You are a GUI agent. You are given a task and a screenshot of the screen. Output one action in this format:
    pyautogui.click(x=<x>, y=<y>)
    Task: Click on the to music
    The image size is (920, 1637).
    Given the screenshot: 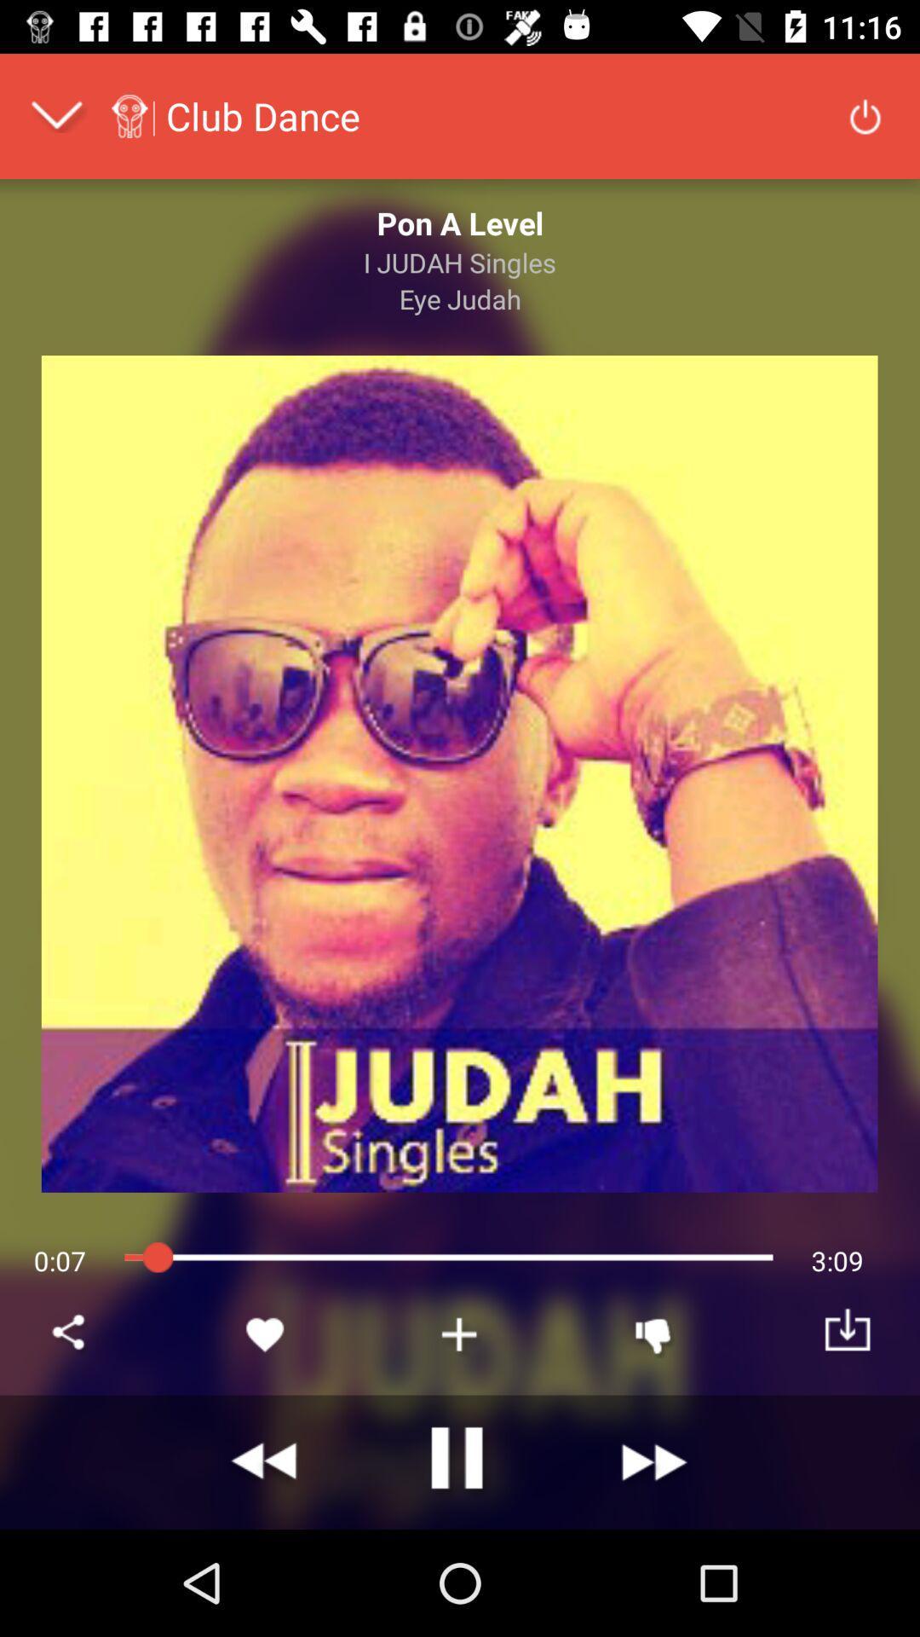 What is the action you would take?
    pyautogui.click(x=460, y=1333)
    